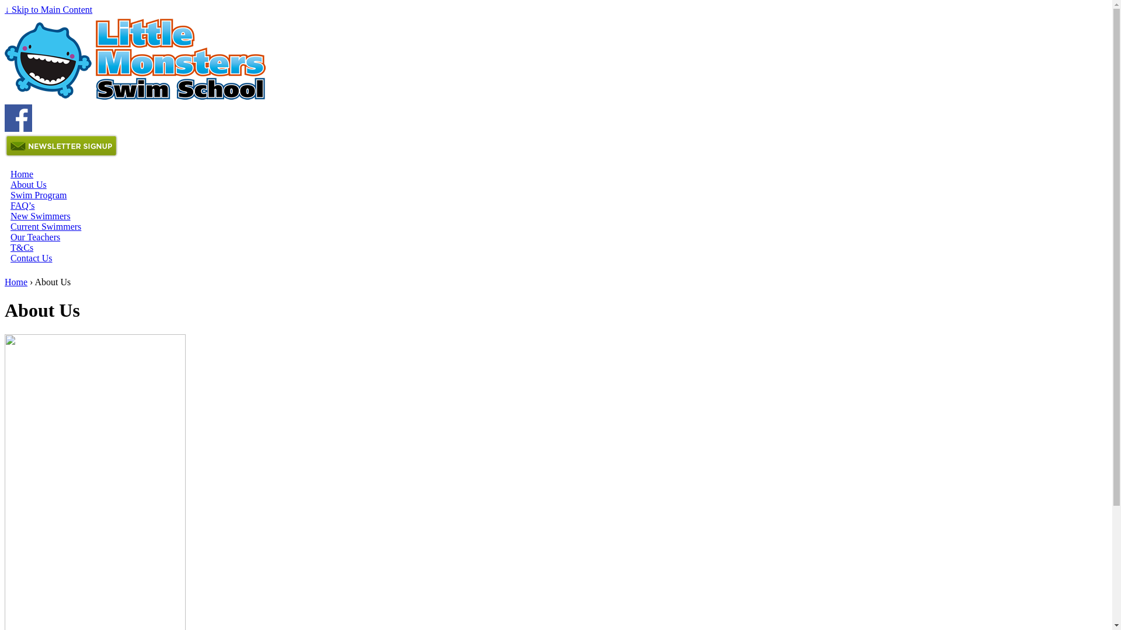 This screenshot has width=1121, height=630. I want to click on 'Home', so click(16, 282).